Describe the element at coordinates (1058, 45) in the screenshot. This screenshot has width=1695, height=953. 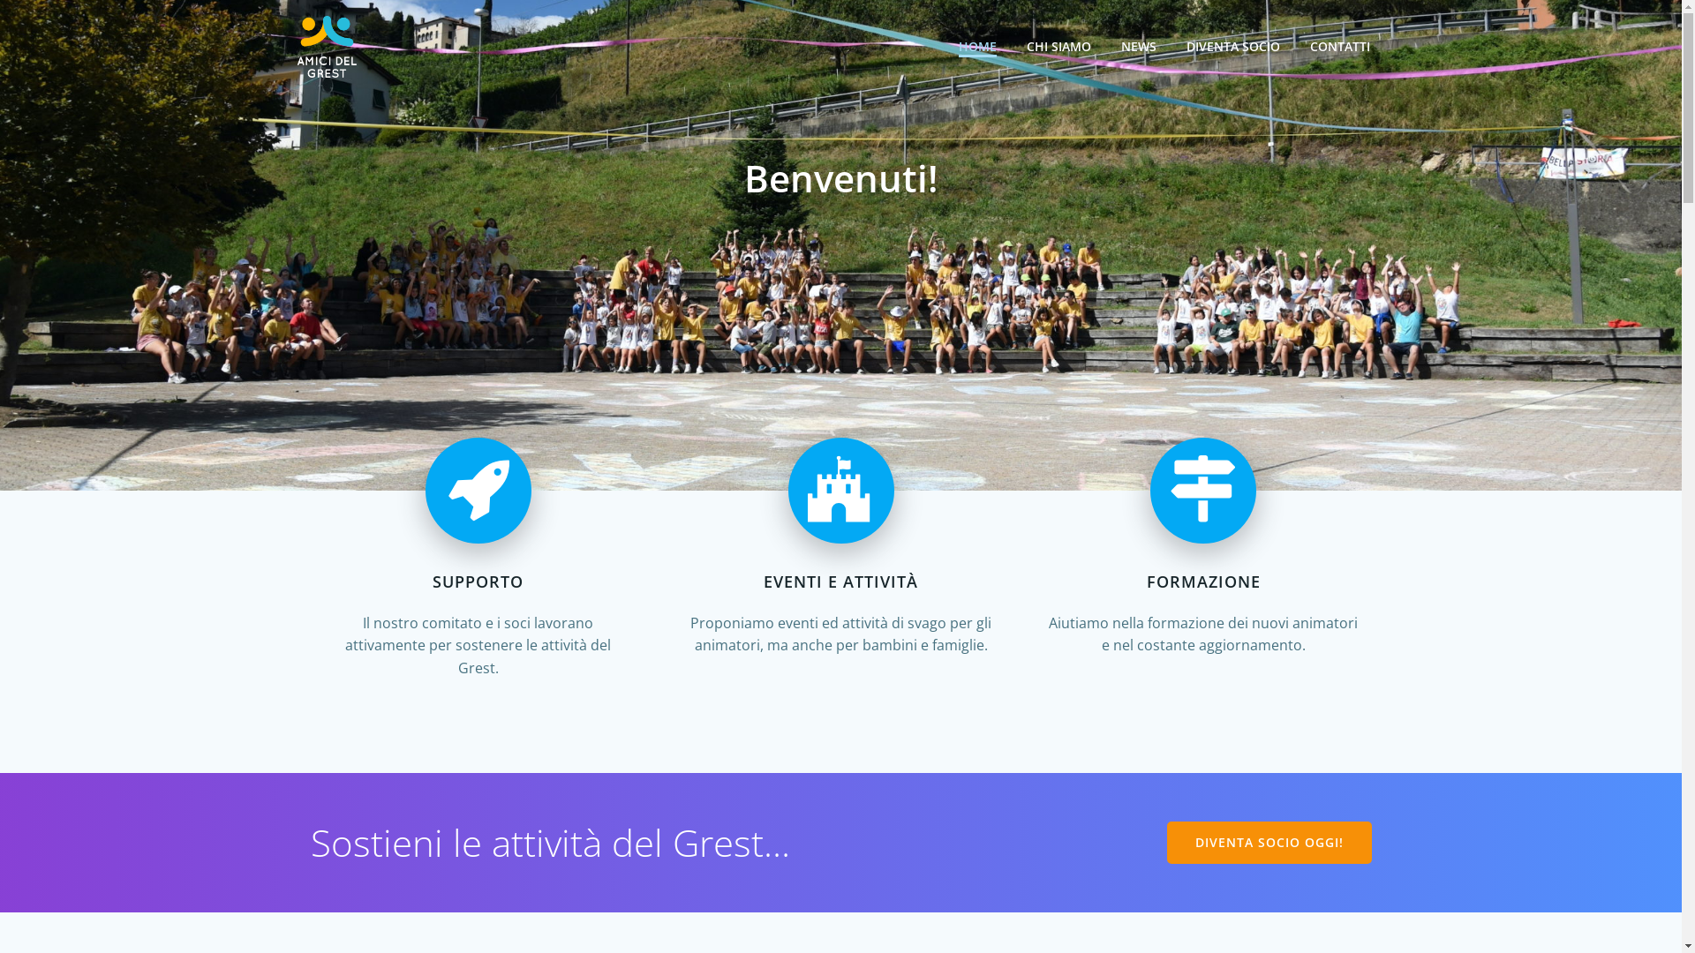
I see `'CHI SIAMO'` at that location.